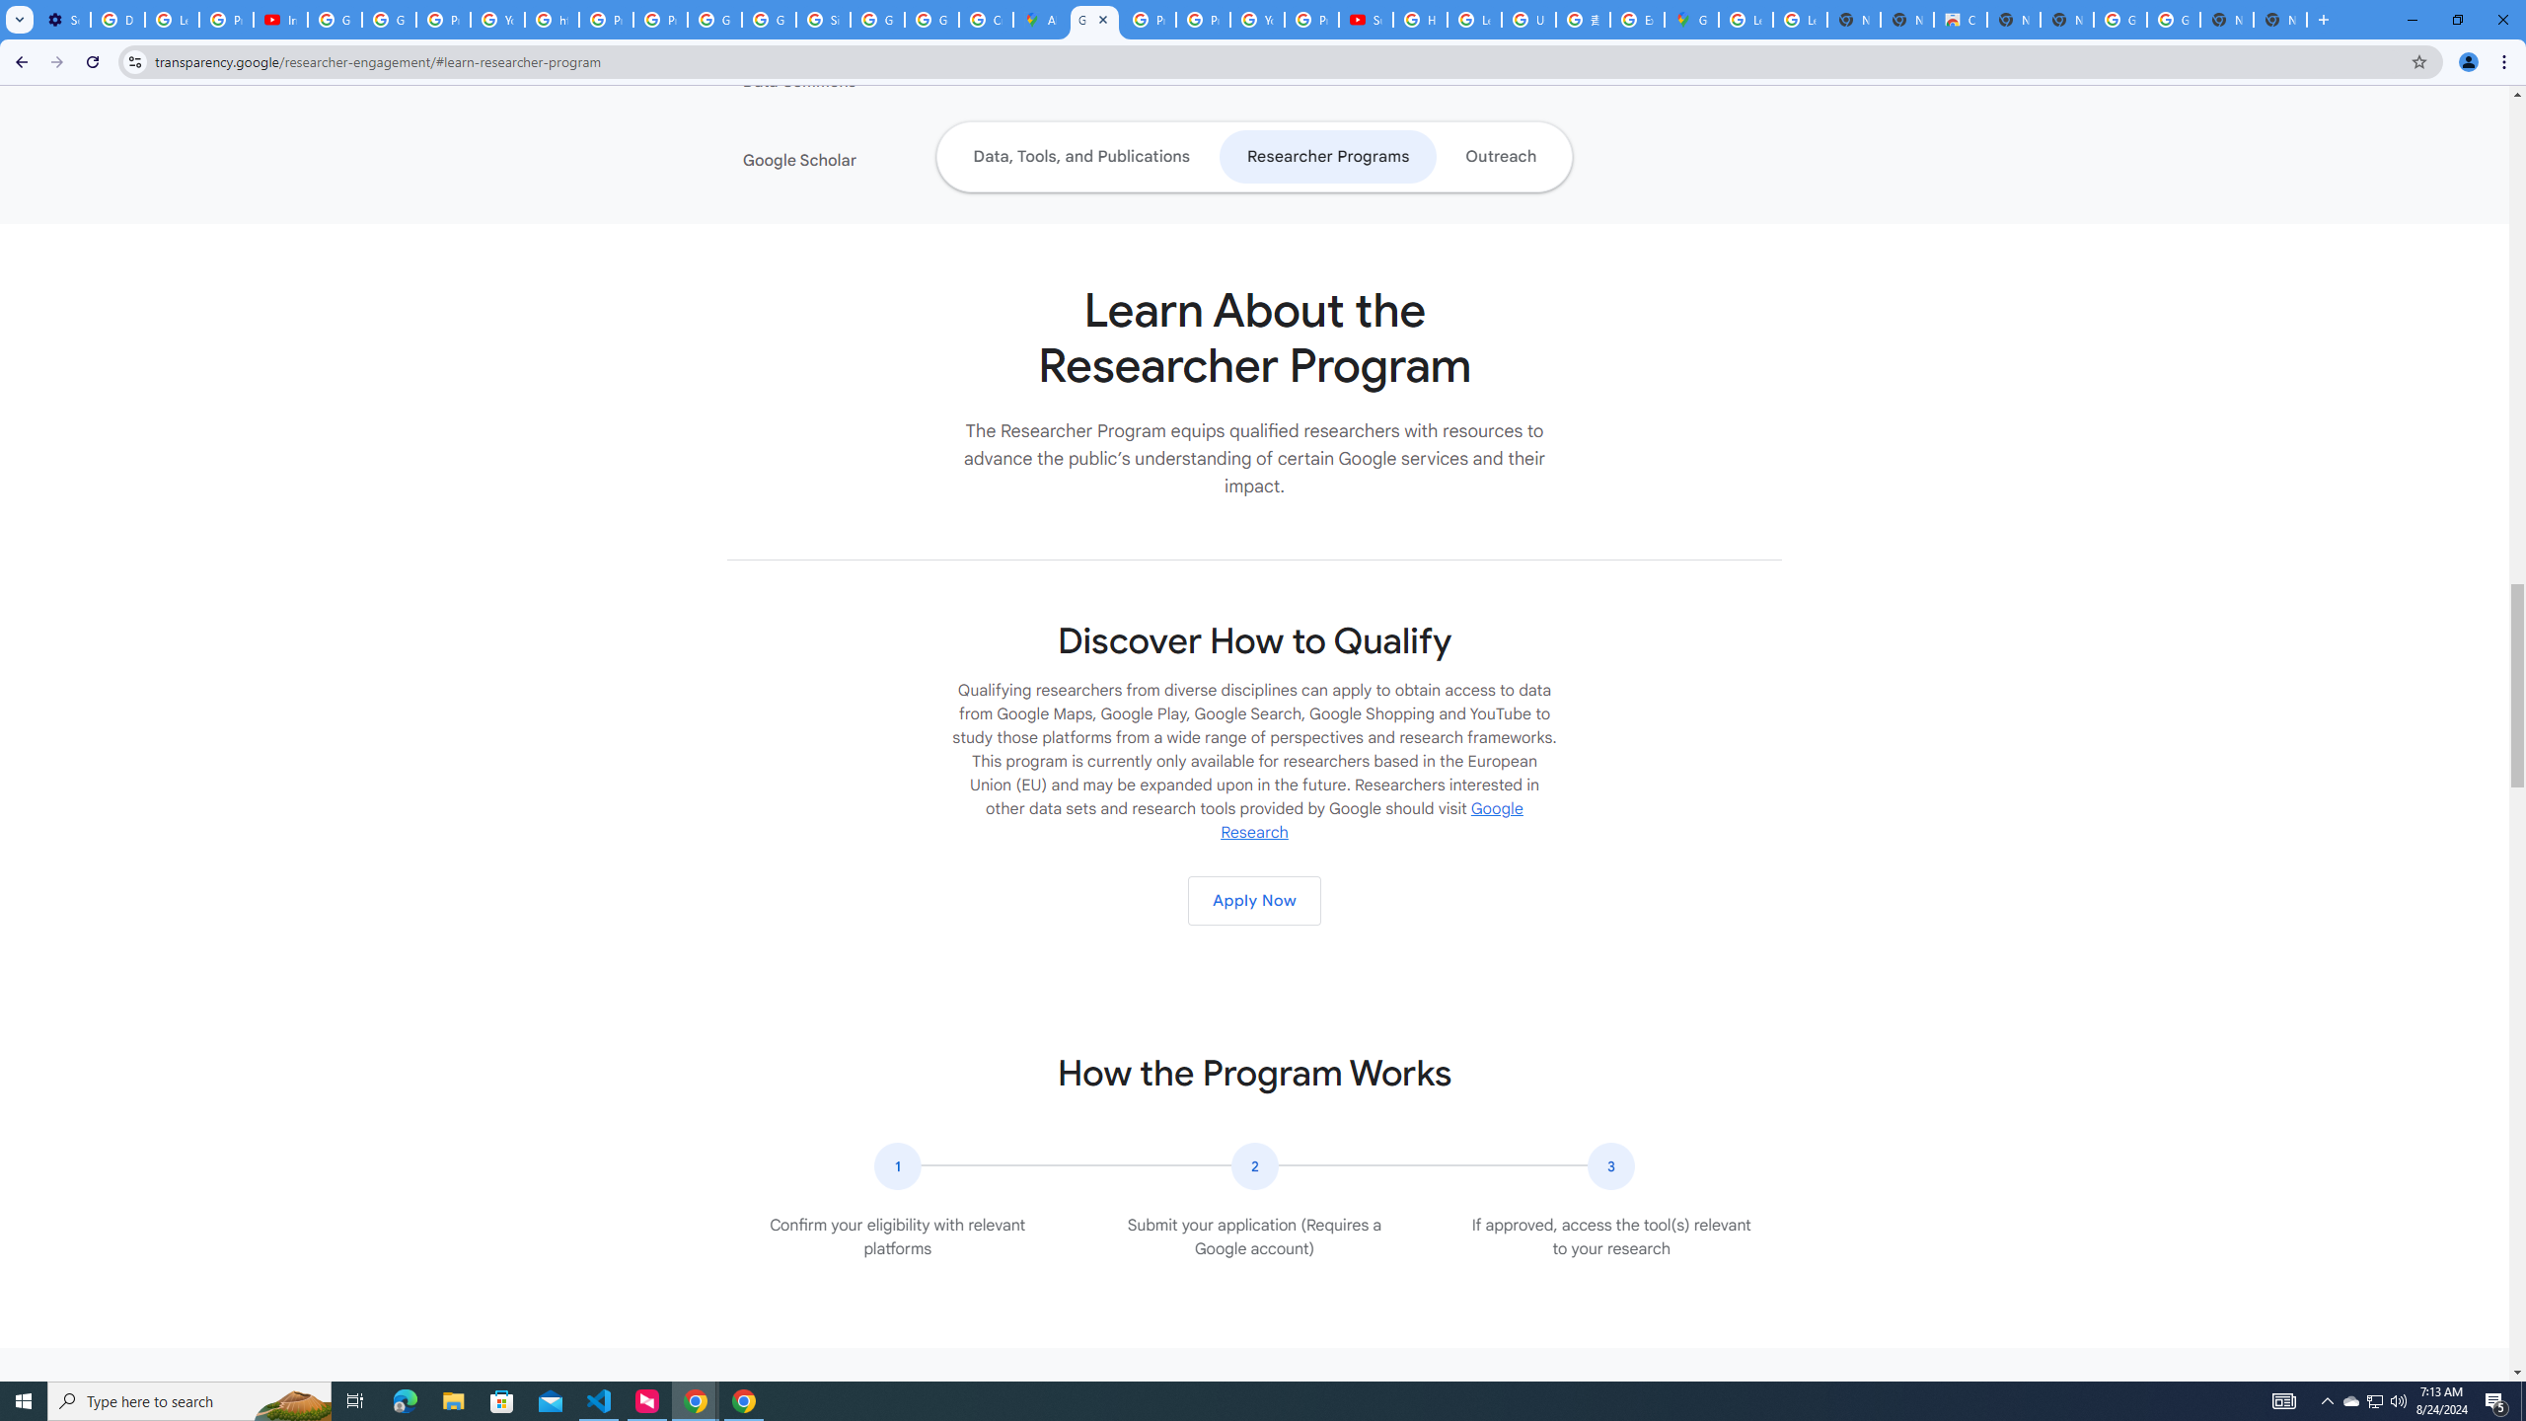 The height and width of the screenshot is (1421, 2526). I want to click on 'Create your Google Account', so click(985, 19).